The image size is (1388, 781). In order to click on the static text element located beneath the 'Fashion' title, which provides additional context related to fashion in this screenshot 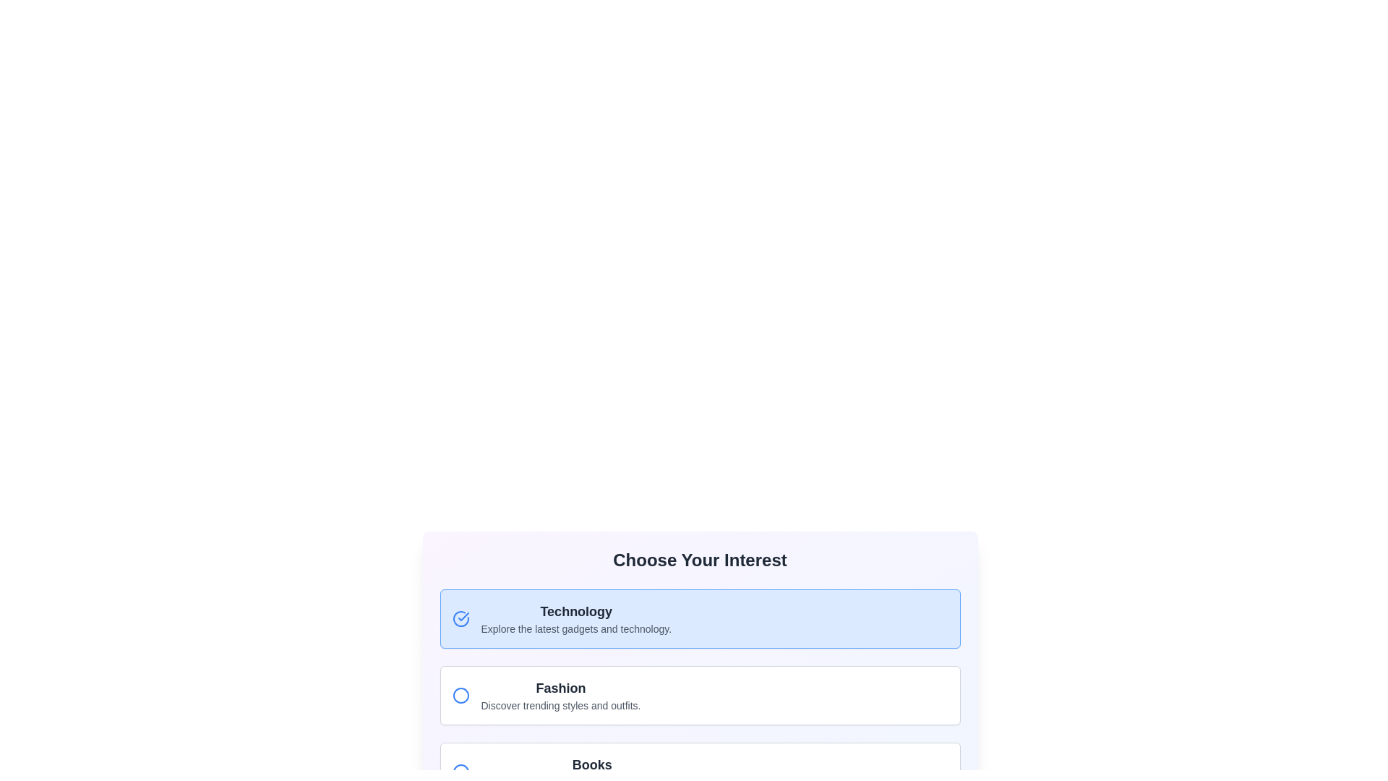, I will do `click(560, 704)`.